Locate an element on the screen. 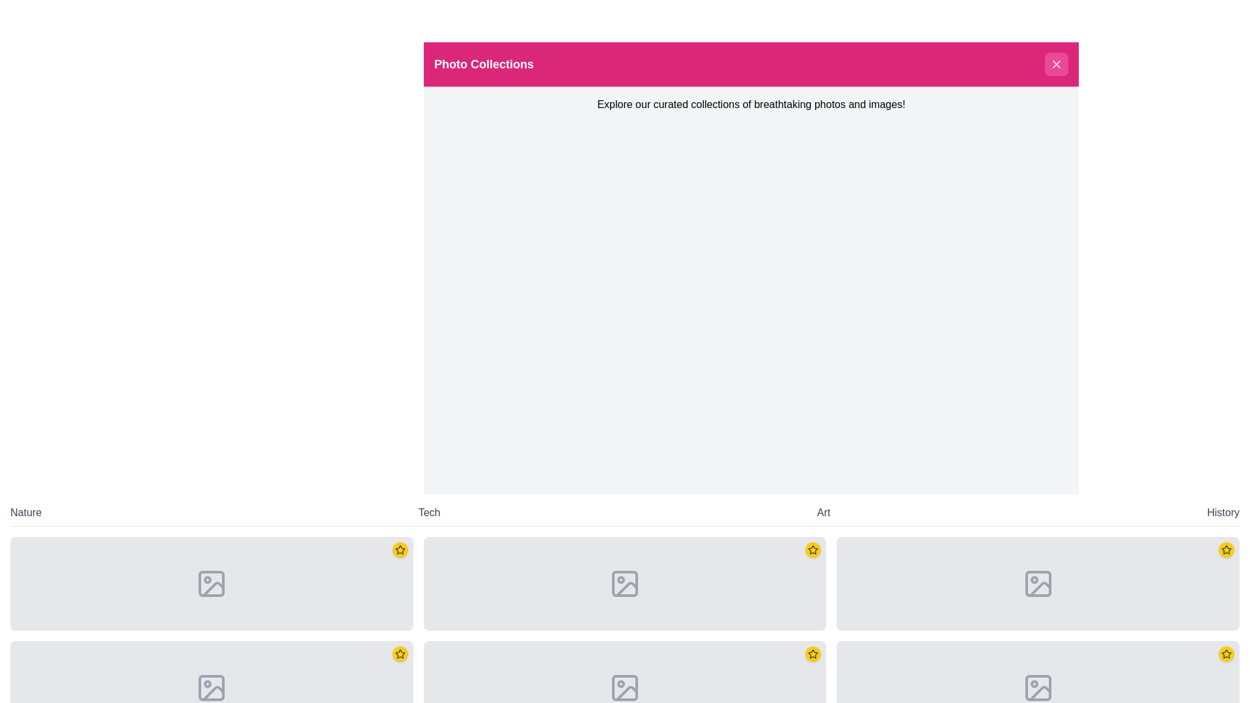  the star icon located at the top-right corner of a square card under the 'Art' category for more information is located at coordinates (812, 654).